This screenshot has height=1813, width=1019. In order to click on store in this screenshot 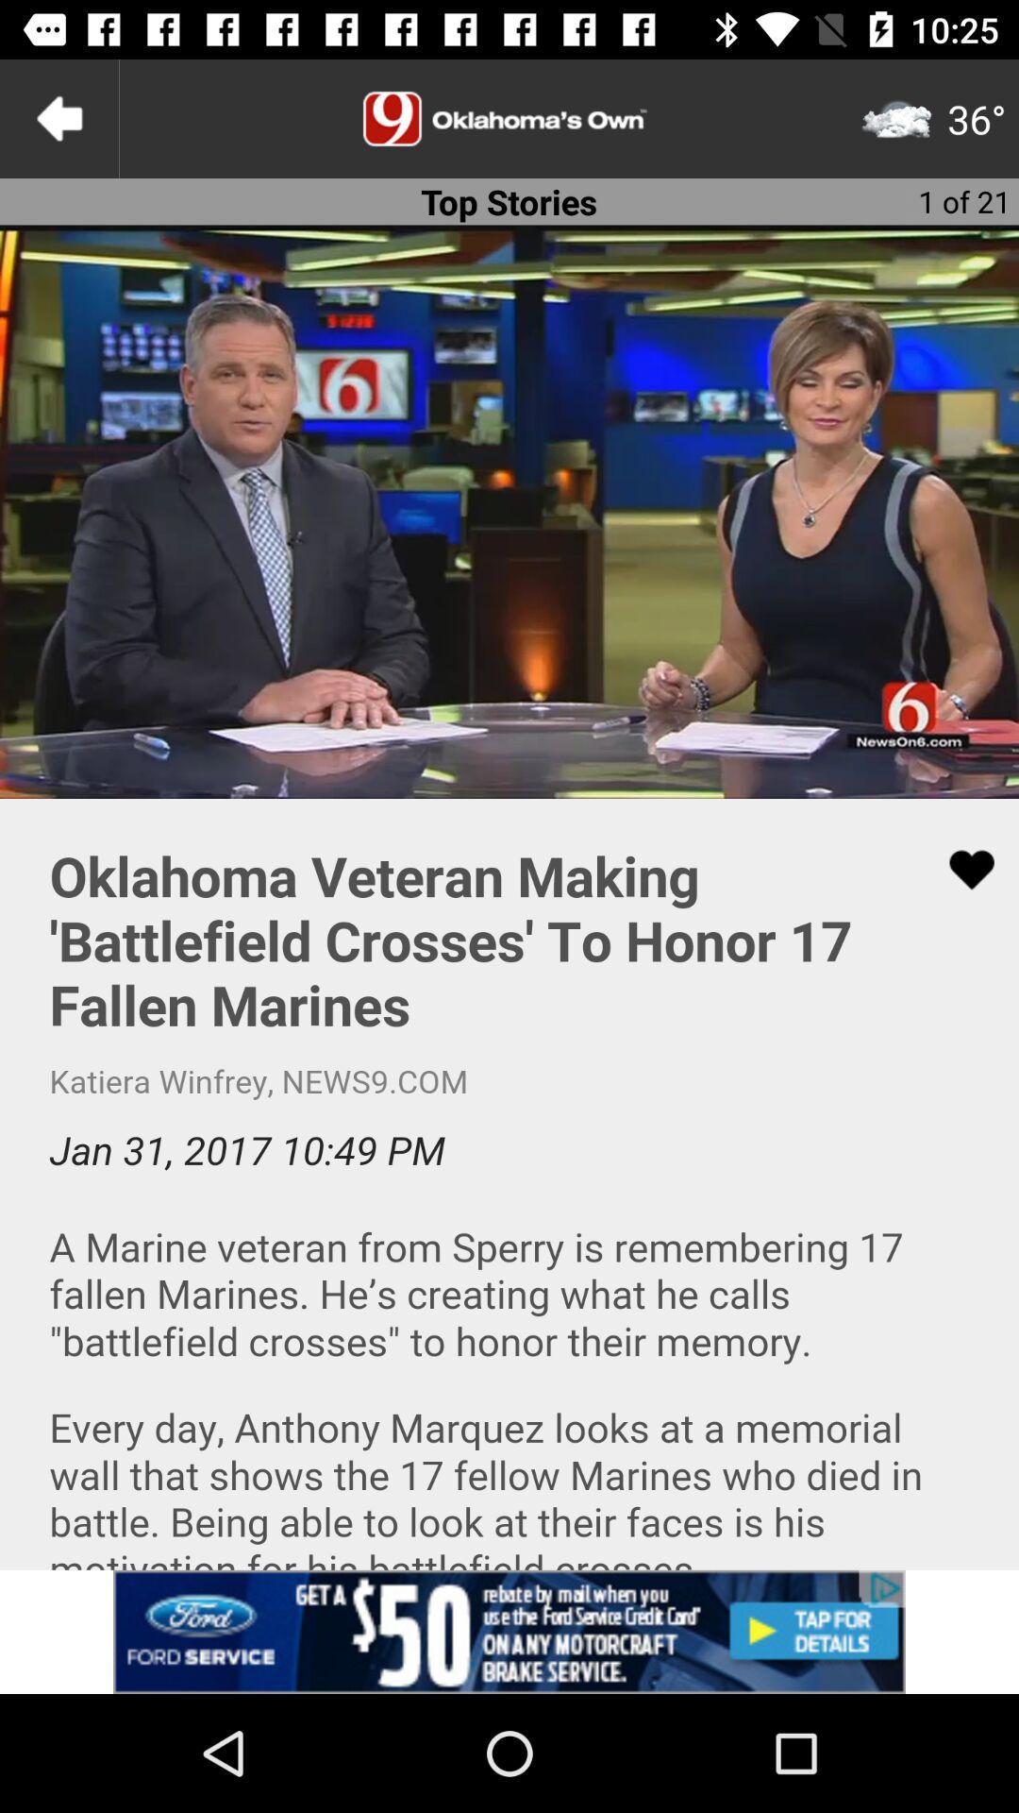, I will do `click(509, 1631)`.